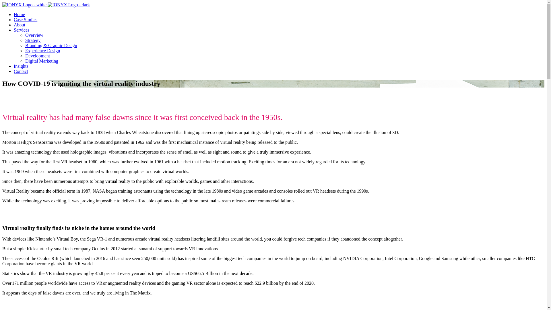 Image resolution: width=551 pixels, height=310 pixels. I want to click on 'Contact', so click(21, 71).